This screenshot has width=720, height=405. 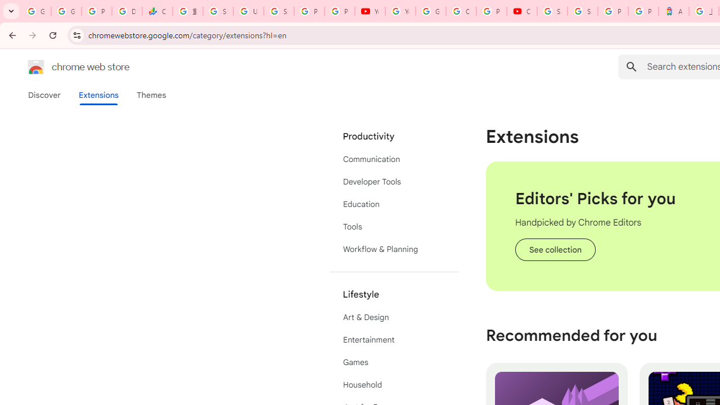 What do you see at coordinates (36, 67) in the screenshot?
I see `'Chrome Web Store logo'` at bounding box center [36, 67].